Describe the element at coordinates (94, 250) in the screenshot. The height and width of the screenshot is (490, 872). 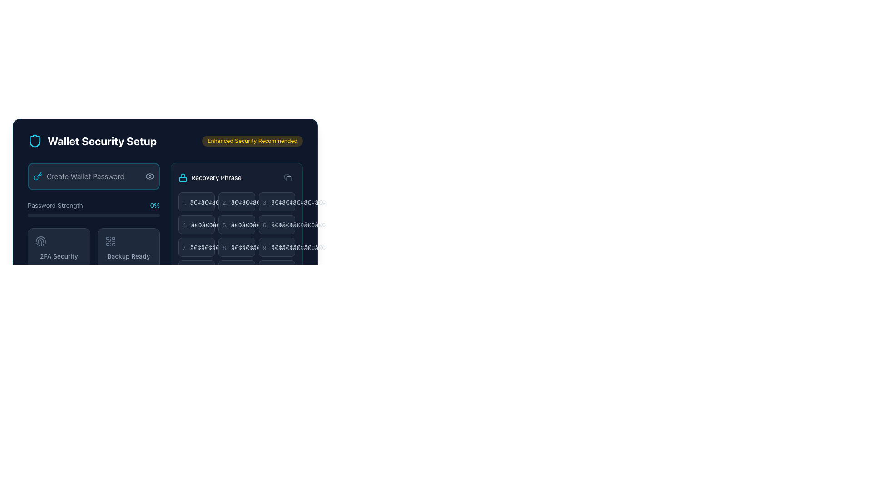
I see `the left card of the Interactive dual-choice UI cards` at that location.